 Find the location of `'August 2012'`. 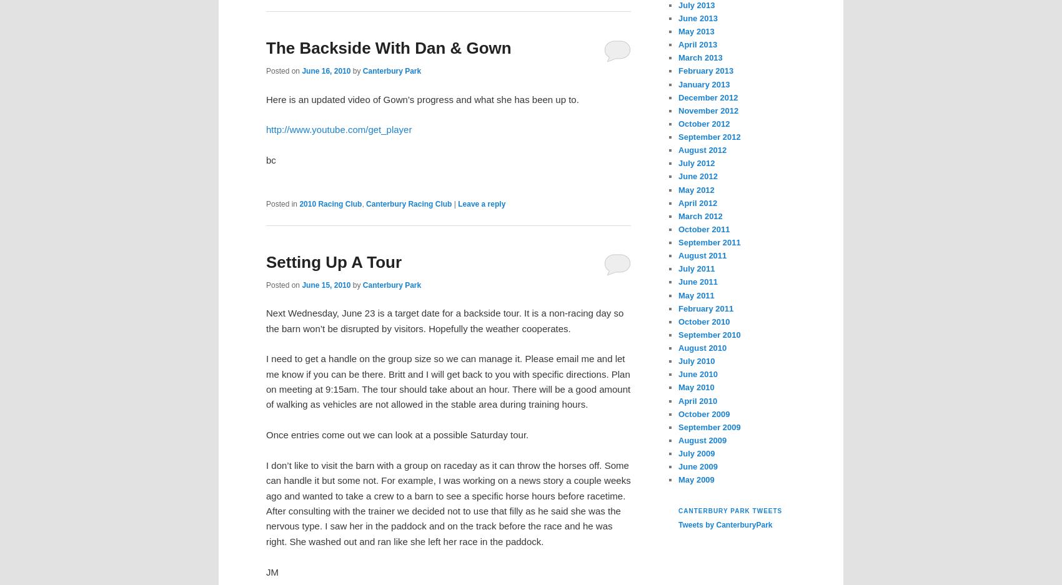

'August 2012' is located at coordinates (702, 149).